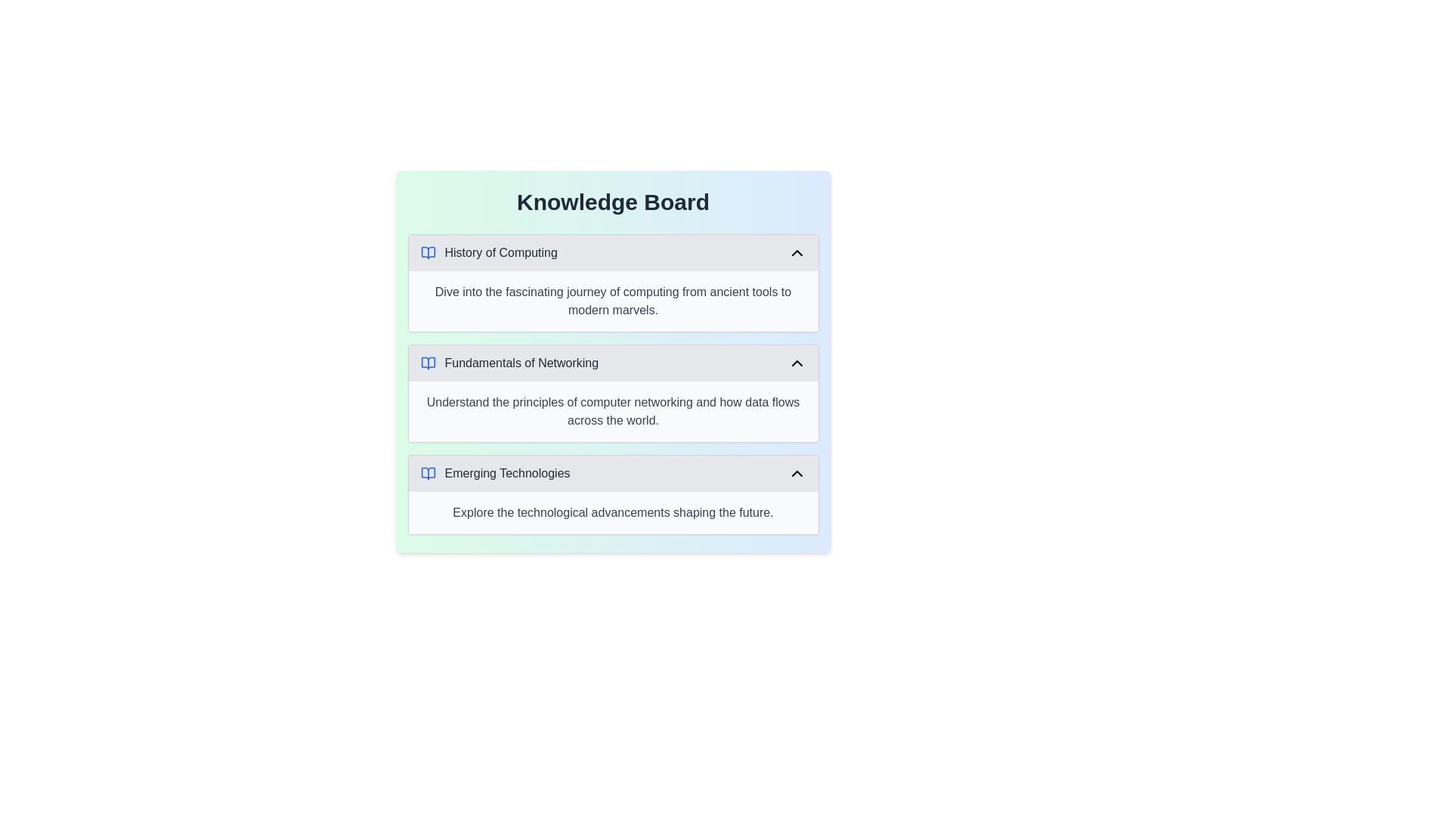 The image size is (1451, 816). Describe the element at coordinates (507, 473) in the screenshot. I see `the text label displaying 'Emerging Technologies', which is styled in gray on a light background and is the title of the third item in the list within the 'Knowledge Board' card` at that location.